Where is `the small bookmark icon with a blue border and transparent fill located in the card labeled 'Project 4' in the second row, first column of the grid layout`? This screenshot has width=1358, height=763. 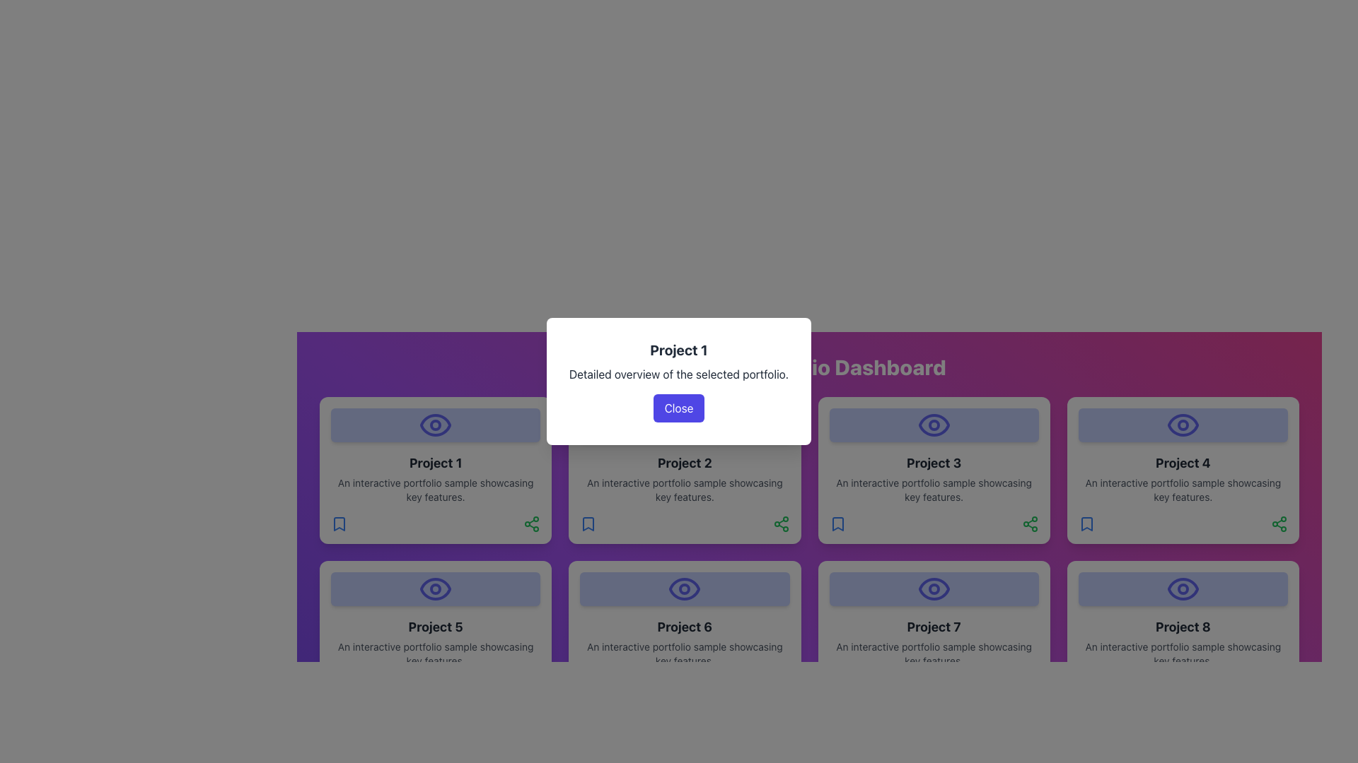 the small bookmark icon with a blue border and transparent fill located in the card labeled 'Project 4' in the second row, first column of the grid layout is located at coordinates (1086, 524).